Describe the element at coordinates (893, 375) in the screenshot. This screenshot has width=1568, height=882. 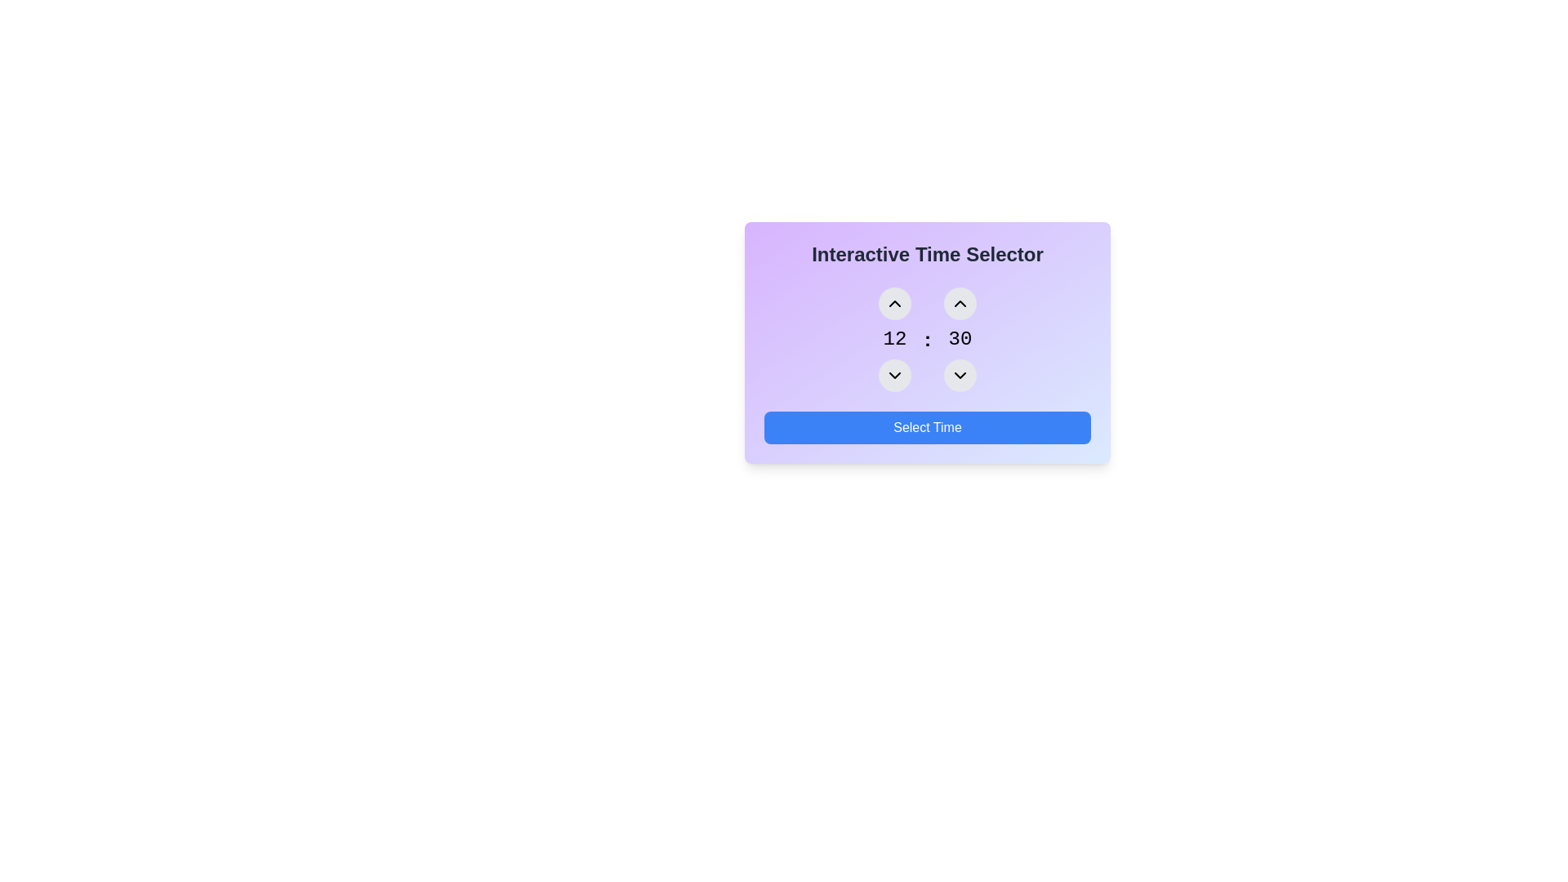
I see `the downward-facing button with an embedded icon, located below the number '12', to decrease the value` at that location.